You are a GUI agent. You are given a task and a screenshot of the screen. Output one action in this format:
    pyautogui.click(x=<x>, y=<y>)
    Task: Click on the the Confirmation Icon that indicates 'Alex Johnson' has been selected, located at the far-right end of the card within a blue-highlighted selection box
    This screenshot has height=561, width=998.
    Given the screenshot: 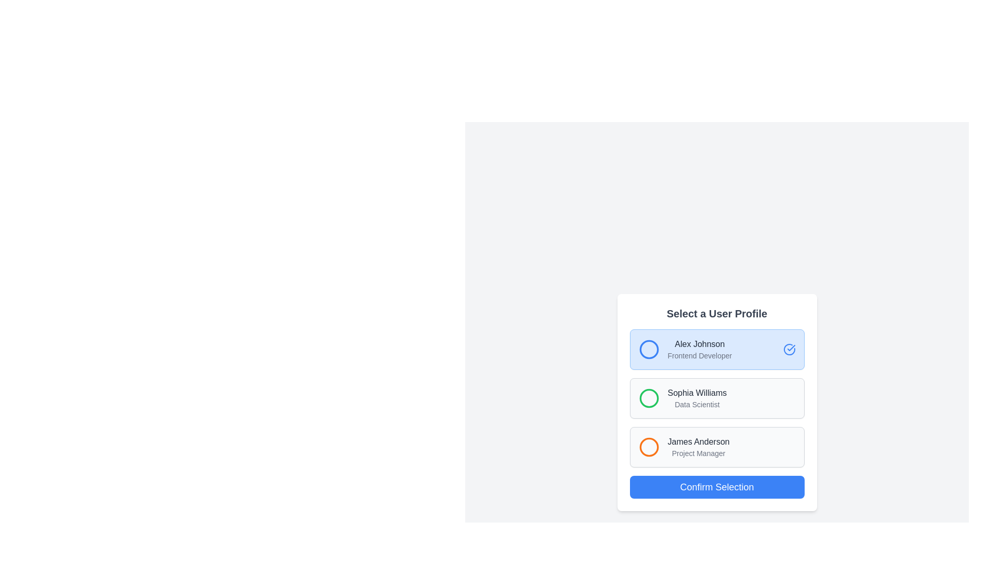 What is the action you would take?
    pyautogui.click(x=789, y=349)
    